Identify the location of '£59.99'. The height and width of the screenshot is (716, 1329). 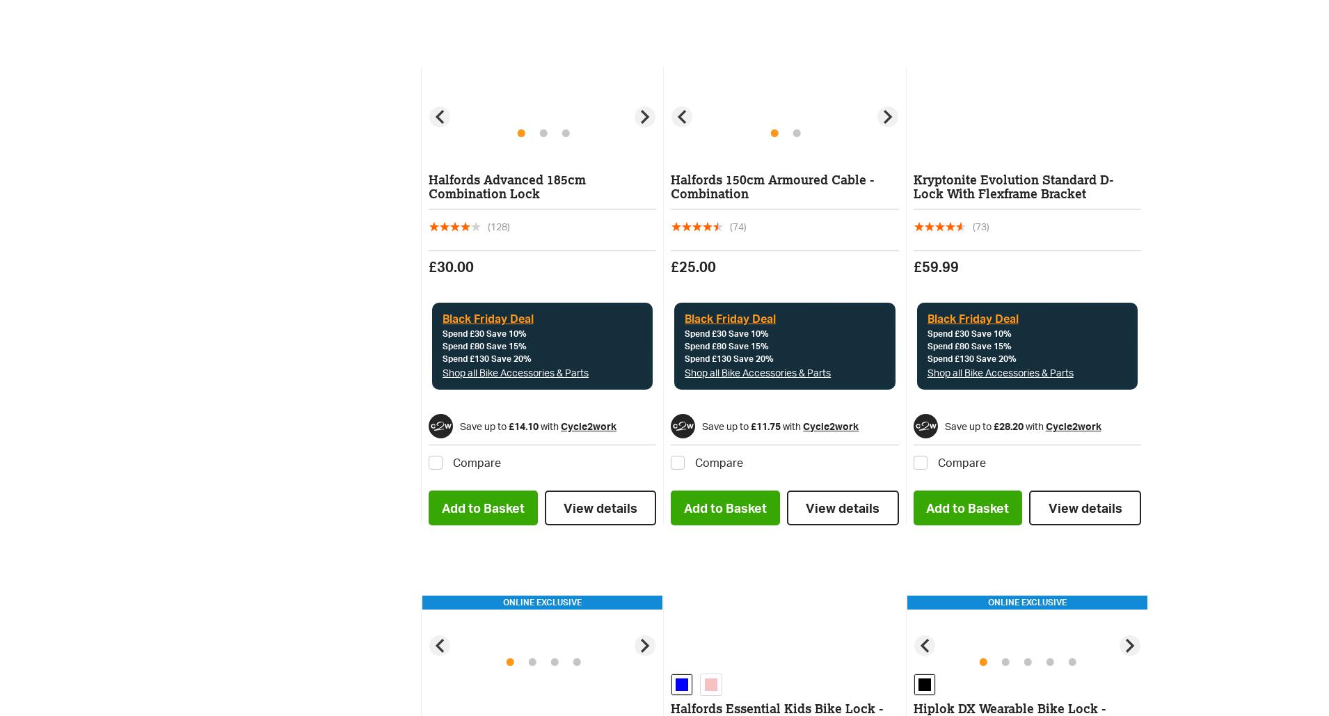
(934, 266).